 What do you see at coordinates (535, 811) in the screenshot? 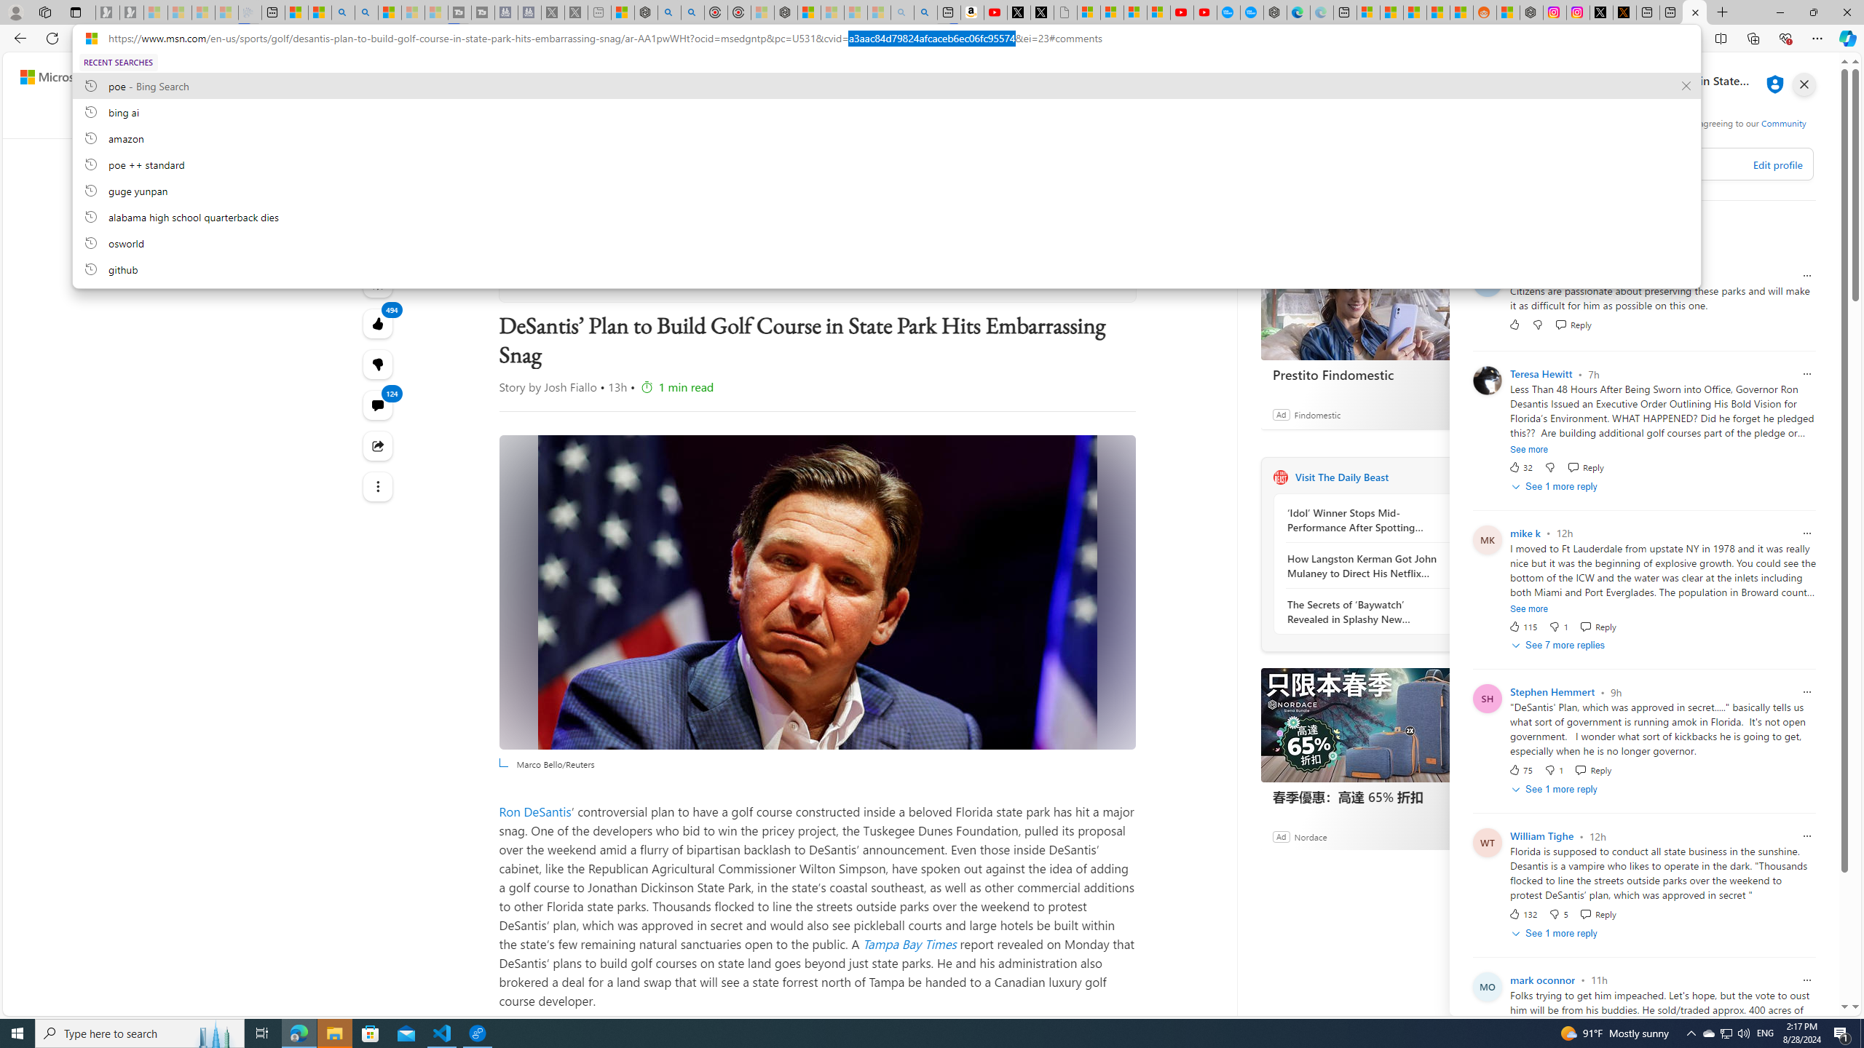
I see `'Ron DeSantis'` at bounding box center [535, 811].